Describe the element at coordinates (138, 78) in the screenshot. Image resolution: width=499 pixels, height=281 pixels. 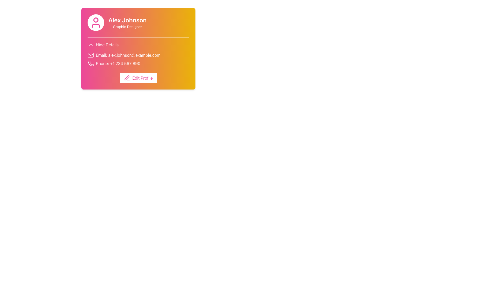
I see `the profile edit button located at the bottom of the profile card to observe the hover effect` at that location.